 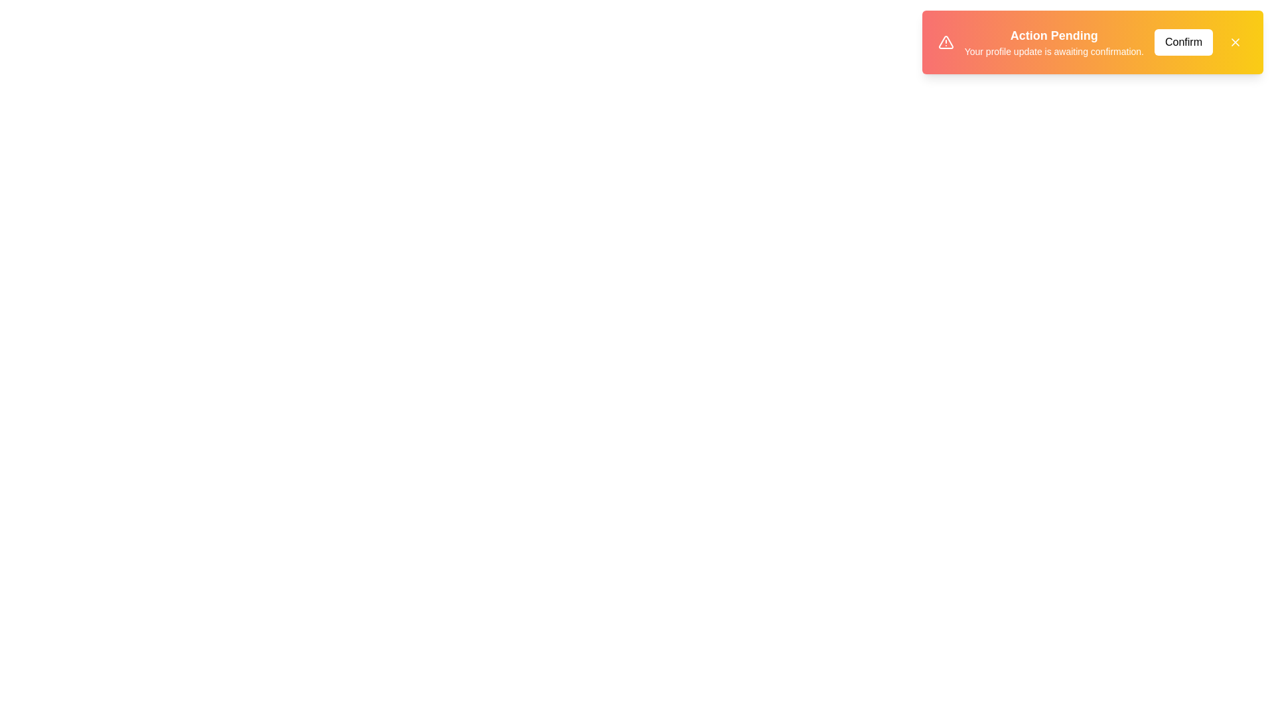 What do you see at coordinates (1235, 42) in the screenshot?
I see `the close button to dismiss the Snackbar` at bounding box center [1235, 42].